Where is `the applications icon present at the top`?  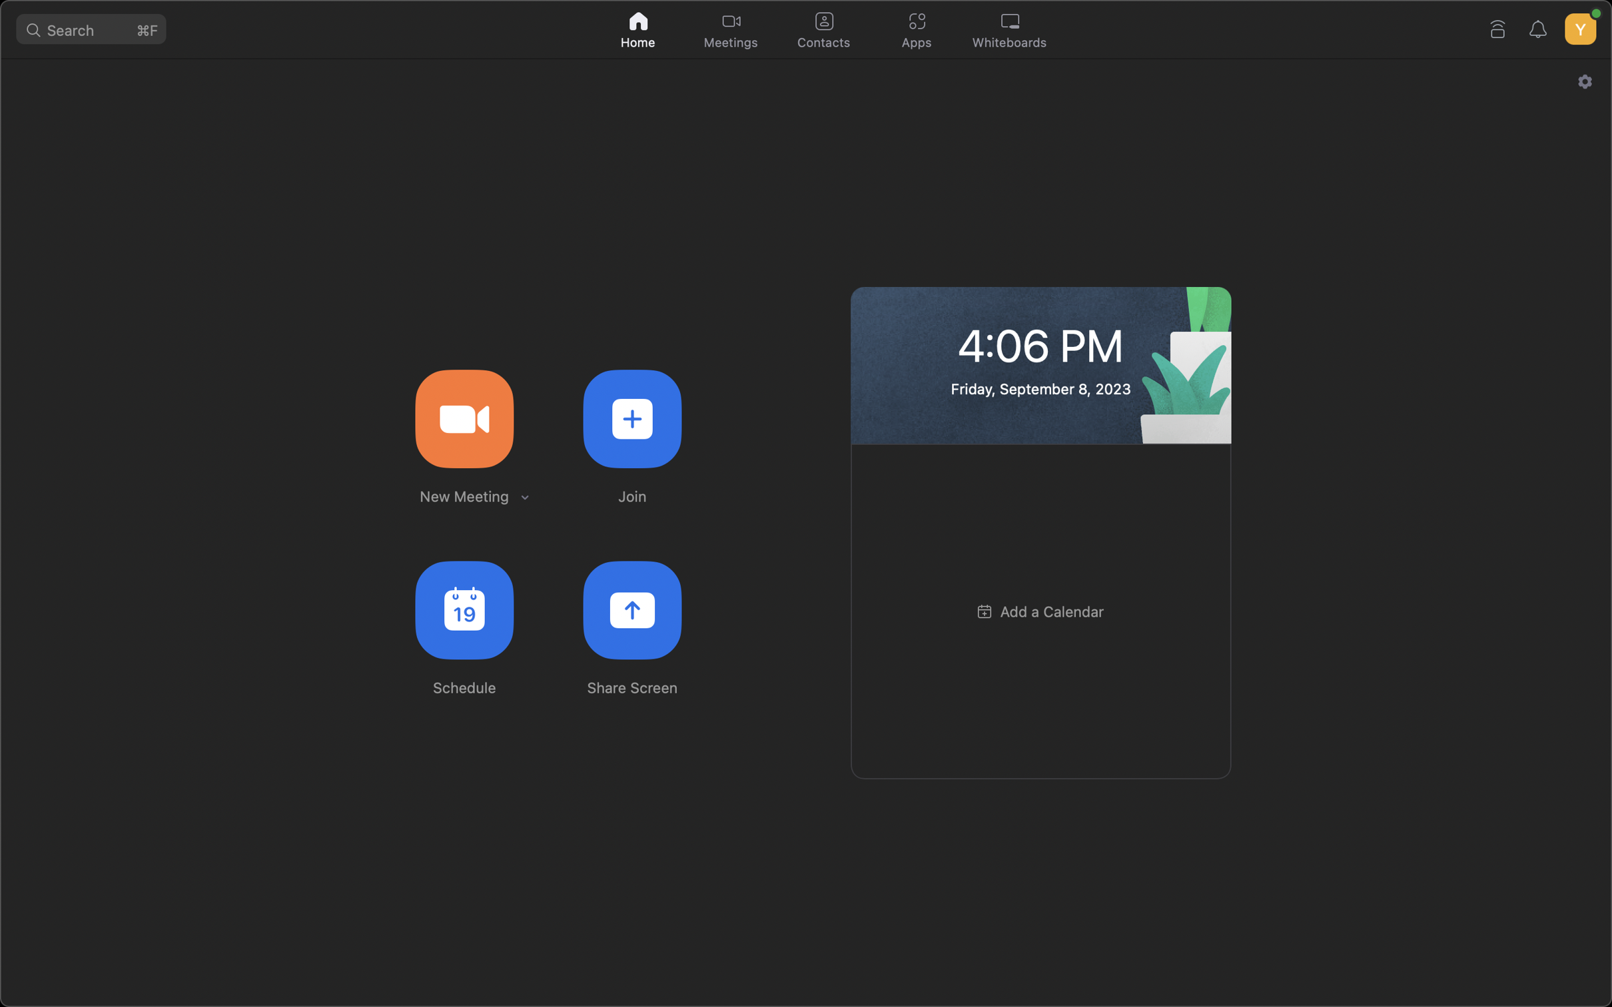
the applications icon present at the top is located at coordinates (919, 27).